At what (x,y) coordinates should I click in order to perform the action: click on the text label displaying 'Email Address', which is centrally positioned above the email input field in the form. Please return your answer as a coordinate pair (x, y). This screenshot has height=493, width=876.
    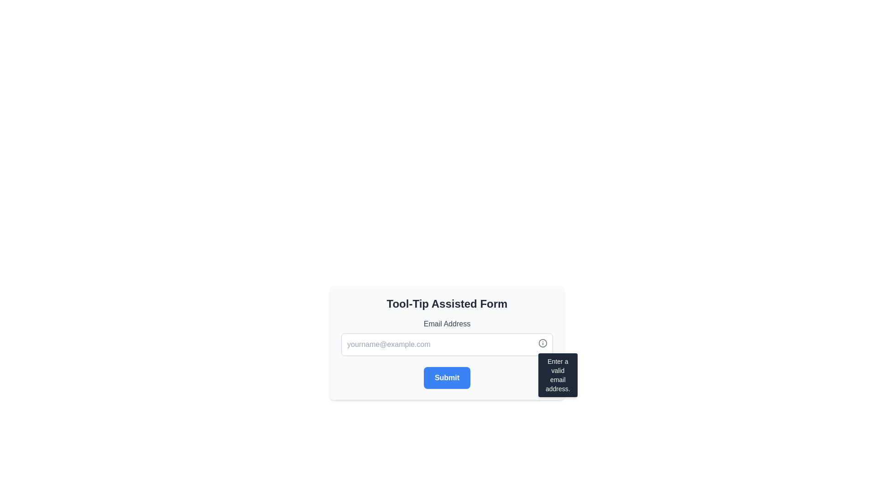
    Looking at the image, I should click on (447, 323).